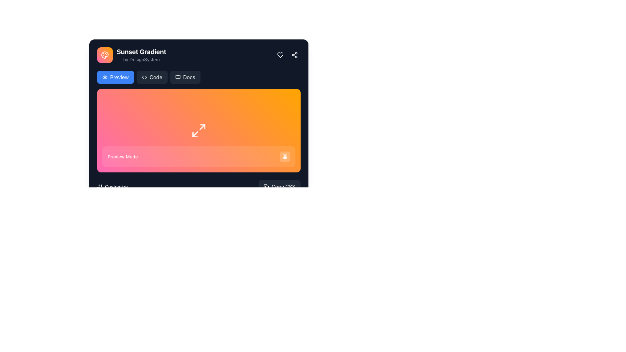  Describe the element at coordinates (115, 77) in the screenshot. I see `the preview button located below the 'Sunset Gradient' header` at that location.